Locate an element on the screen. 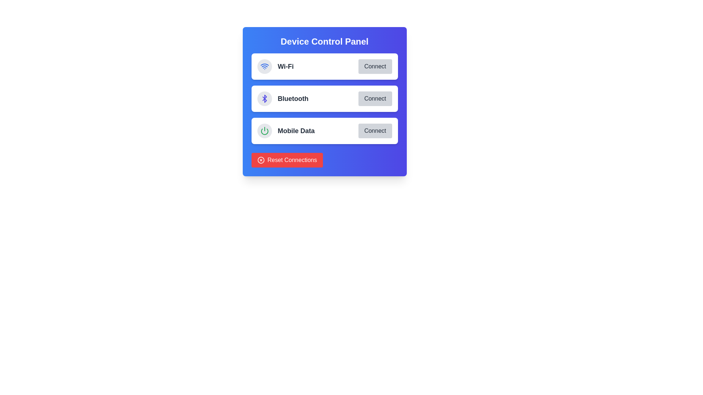 The image size is (703, 395). the Bluetooth icon, which is styled with blue strokes and located in the second button from the top in a vertical stack of three options, within a rounded rectangular button with a gray background, next to the 'Bluetooth' label is located at coordinates (264, 99).